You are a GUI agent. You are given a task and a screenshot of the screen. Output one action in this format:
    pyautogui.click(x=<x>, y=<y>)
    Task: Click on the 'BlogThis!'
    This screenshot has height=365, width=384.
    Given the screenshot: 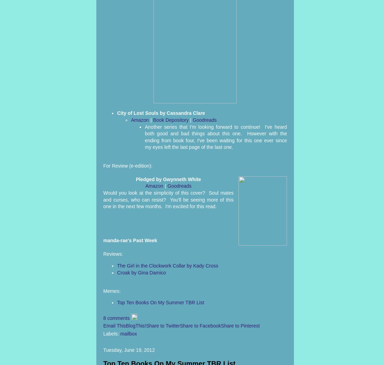 What is the action you would take?
    pyautogui.click(x=136, y=325)
    